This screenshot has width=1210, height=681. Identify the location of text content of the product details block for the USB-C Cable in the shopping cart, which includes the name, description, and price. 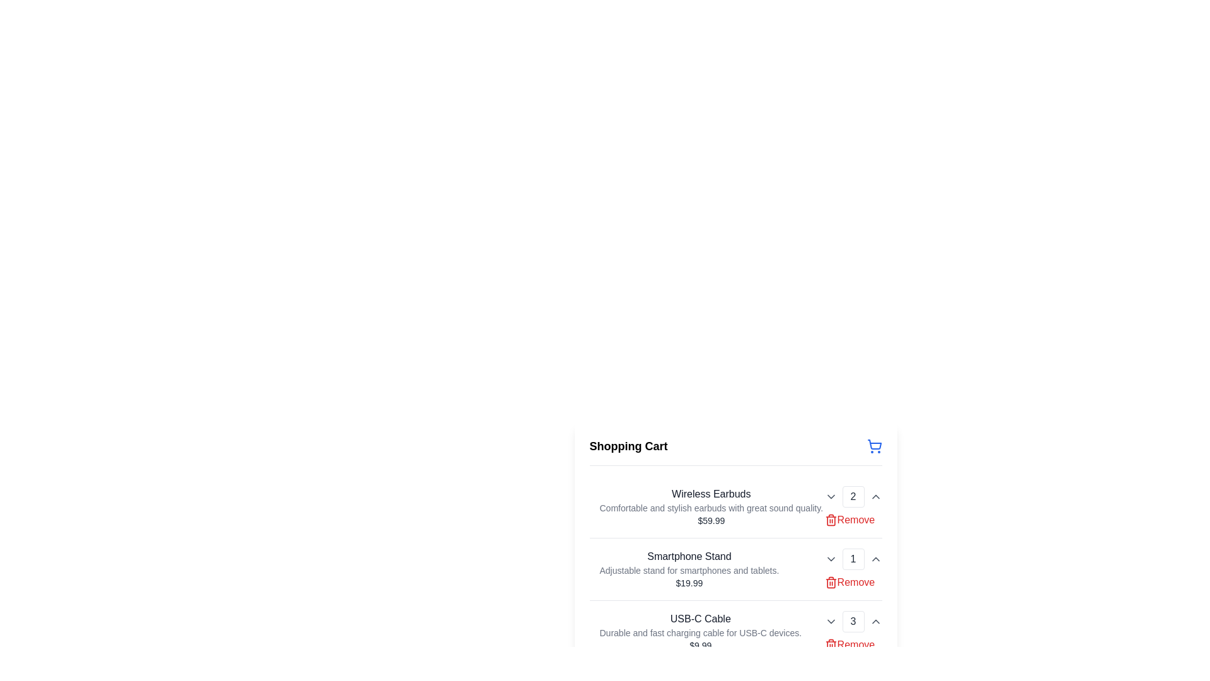
(694, 632).